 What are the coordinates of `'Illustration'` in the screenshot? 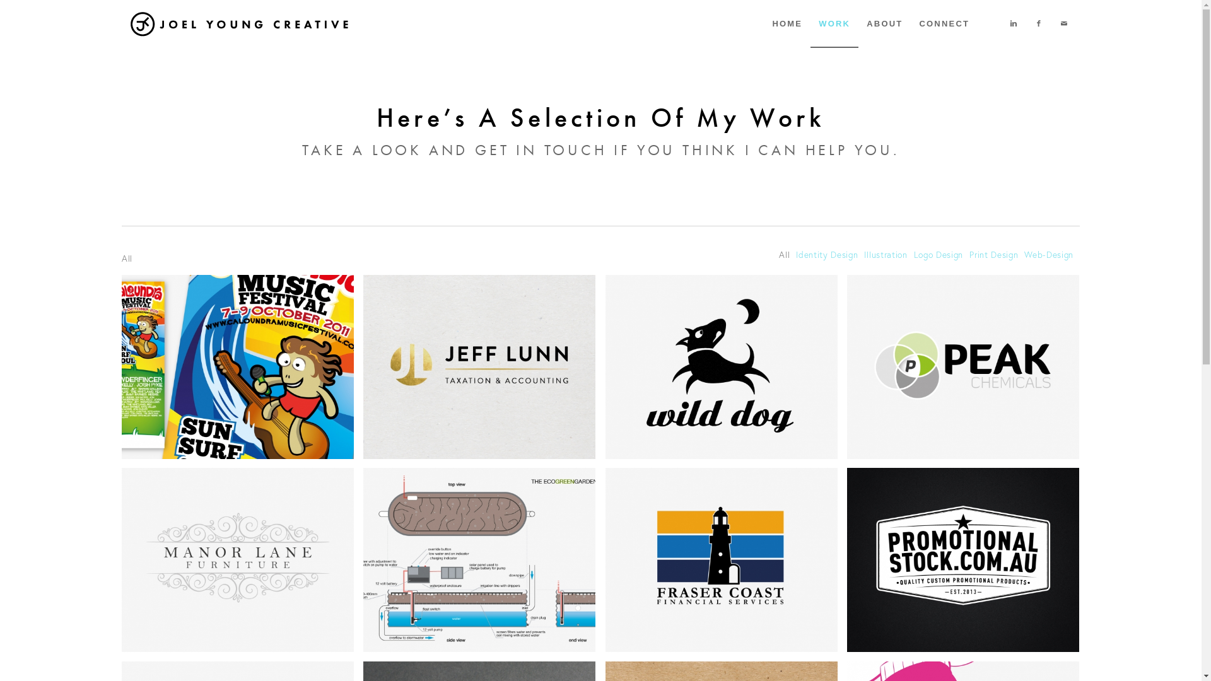 It's located at (884, 255).